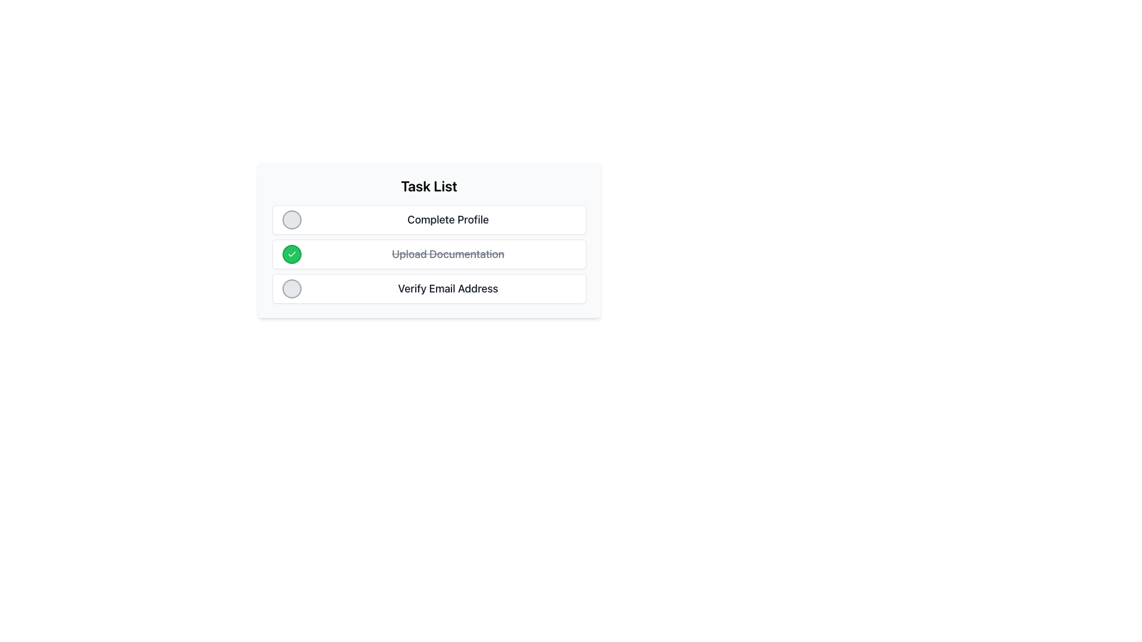  Describe the element at coordinates (428, 220) in the screenshot. I see `the first Task item card in the 'Task List' that contains the text 'Complete Profile' and a circular icon` at that location.